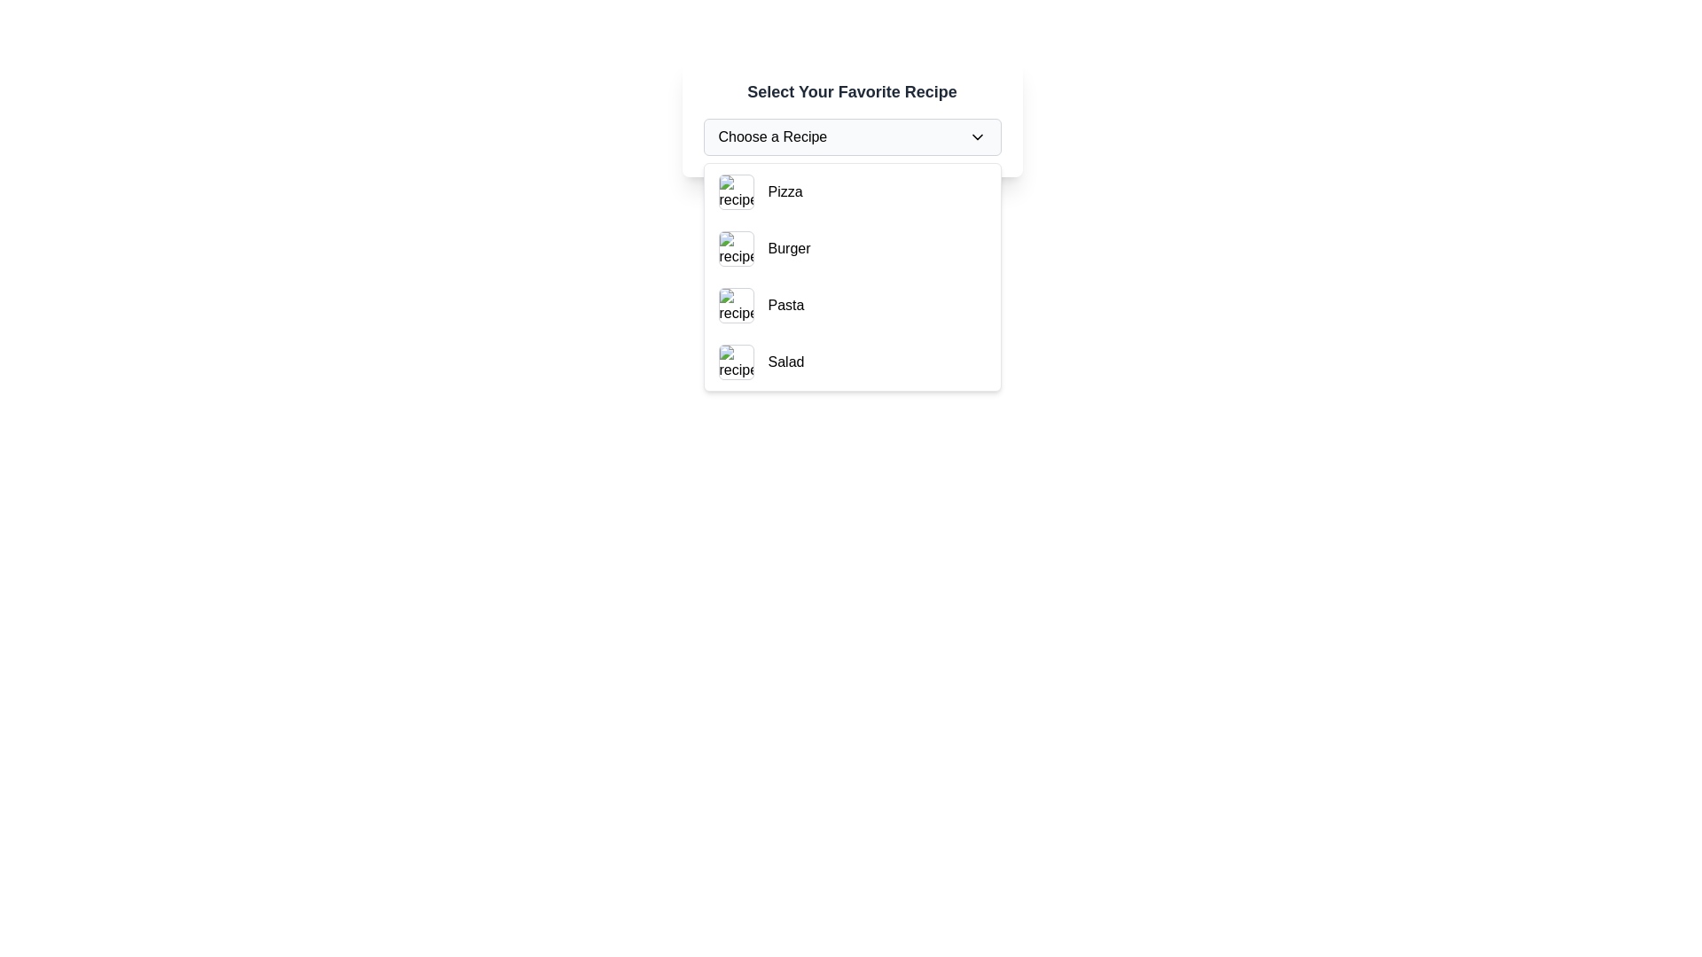  Describe the element at coordinates (736, 304) in the screenshot. I see `the image placeholder representing the 'Pasta' entry in the dropdown menu, which is located on the left side of the 'Pasta' list entry` at that location.